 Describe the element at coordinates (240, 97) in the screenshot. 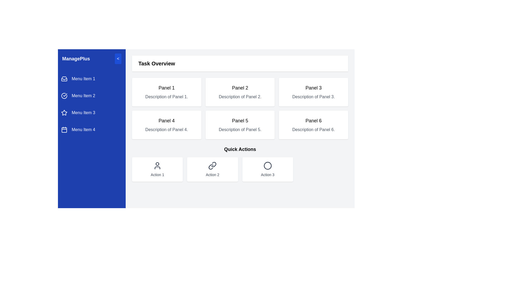

I see `the label reading 'Description of Panel 2' which is styled with a gray font, located in the lower region of the card labeled 'Panel 2' in a 2x3 grid layout` at that location.